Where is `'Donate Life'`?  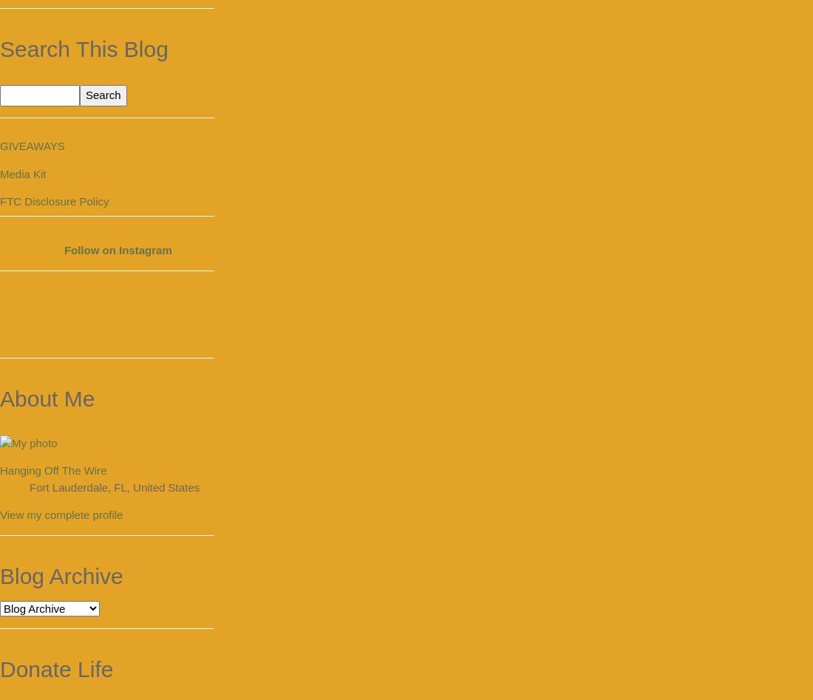
'Donate Life' is located at coordinates (0, 668).